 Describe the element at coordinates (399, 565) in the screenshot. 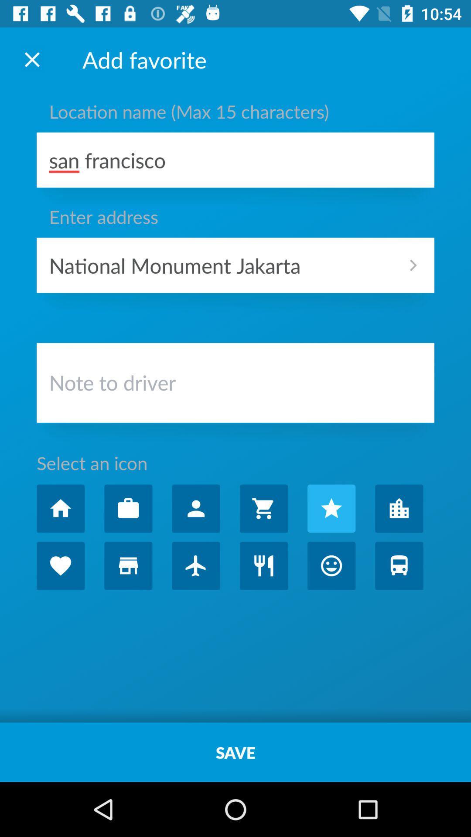

I see `icon for favorite` at that location.